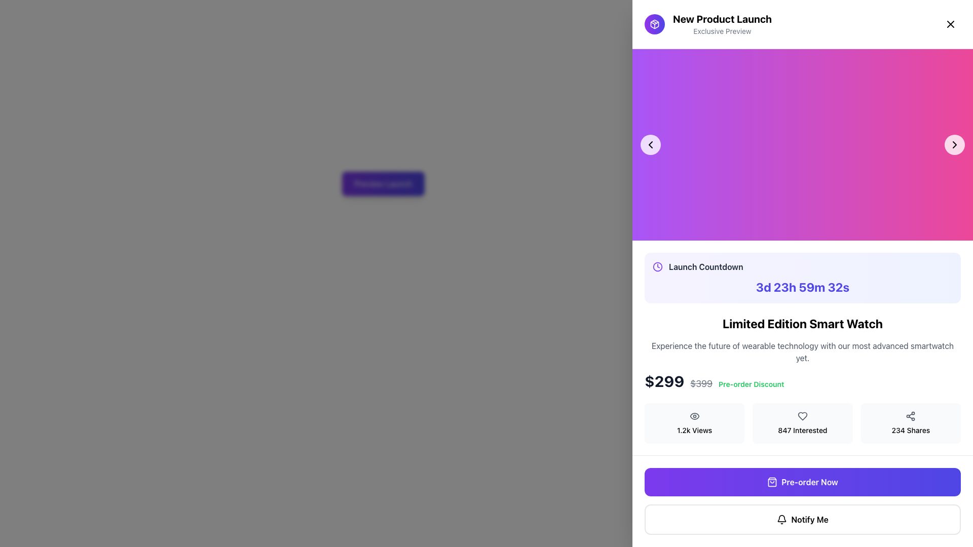 The image size is (973, 547). Describe the element at coordinates (802, 423) in the screenshot. I see `the Informational widget that features a heart icon and the text '847 Interested', located between '1.2k Views' and '234 Shares'` at that location.